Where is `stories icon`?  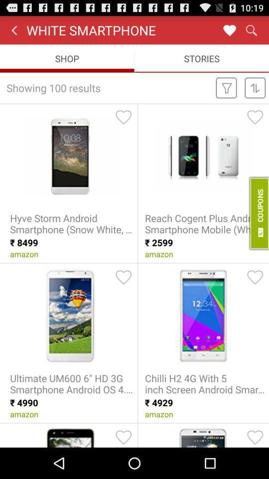 stories icon is located at coordinates (202, 58).